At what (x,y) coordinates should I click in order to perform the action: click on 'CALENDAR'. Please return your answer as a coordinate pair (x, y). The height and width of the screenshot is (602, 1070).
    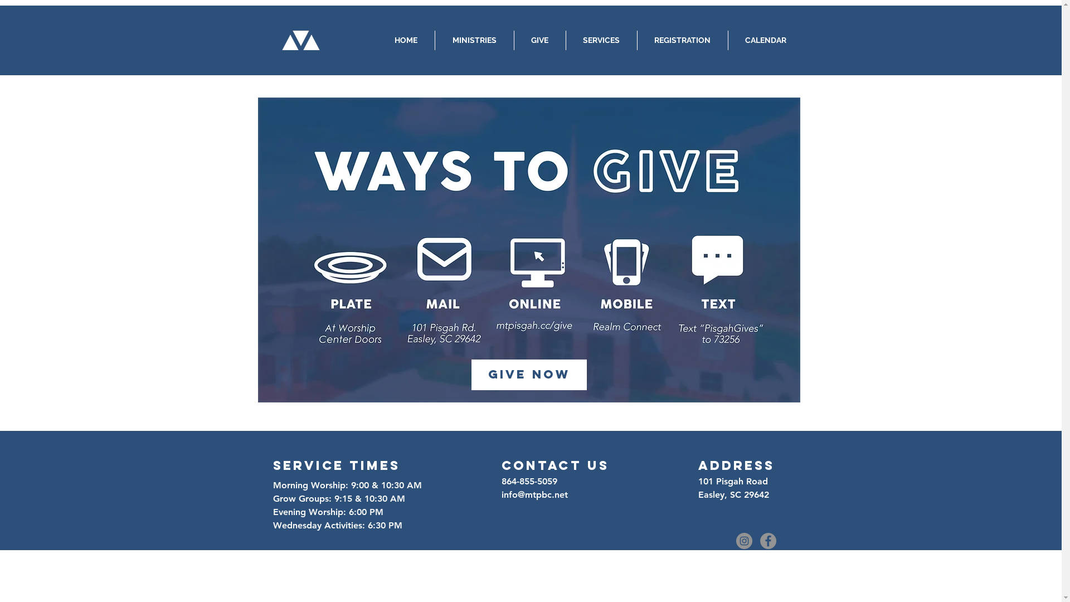
    Looking at the image, I should click on (765, 40).